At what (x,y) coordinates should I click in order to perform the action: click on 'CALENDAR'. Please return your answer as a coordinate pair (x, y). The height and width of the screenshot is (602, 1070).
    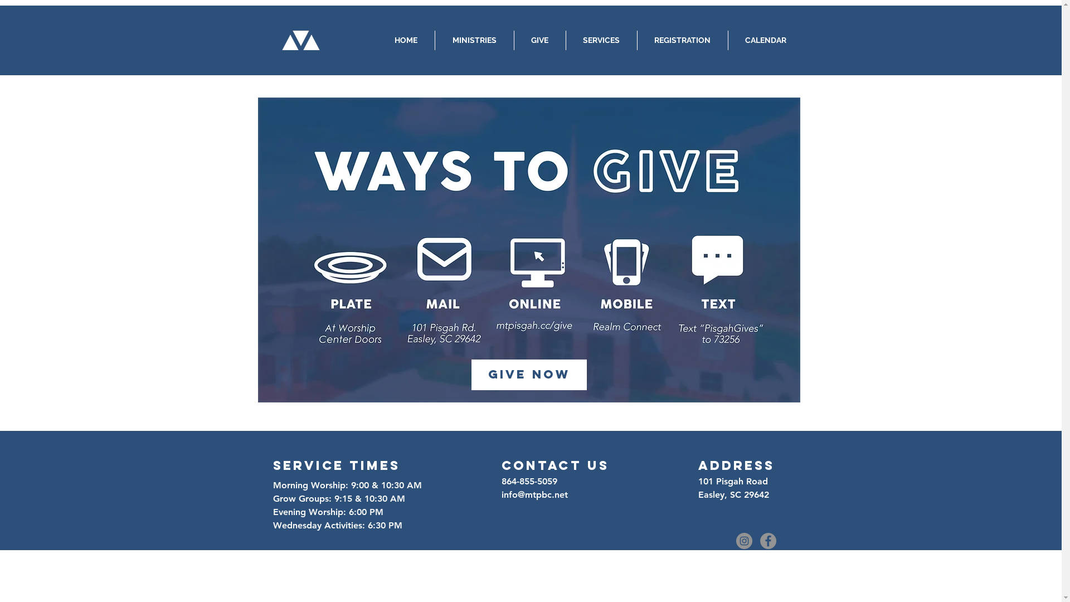
    Looking at the image, I should click on (765, 40).